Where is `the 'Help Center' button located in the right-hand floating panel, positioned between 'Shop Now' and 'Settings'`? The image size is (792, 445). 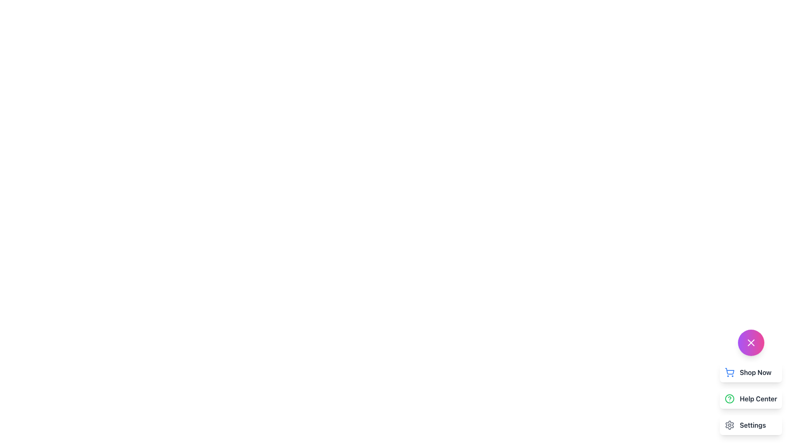
the 'Help Center' button located in the right-hand floating panel, positioned between 'Shop Now' and 'Settings' is located at coordinates (750, 398).